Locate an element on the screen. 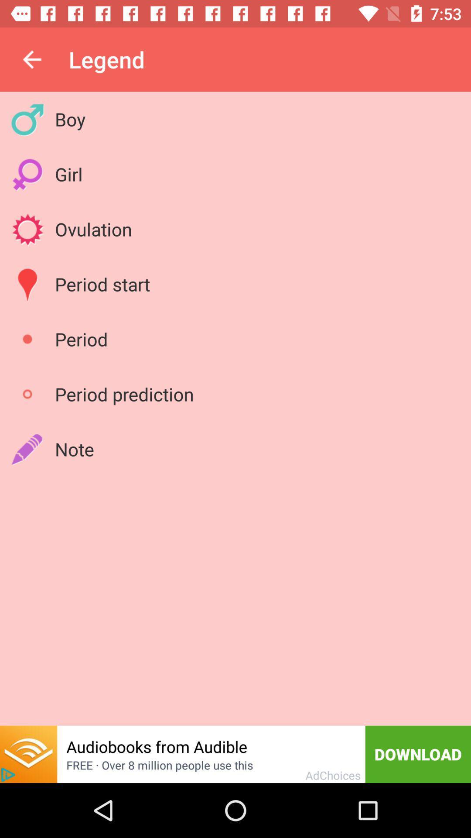  advertisement is located at coordinates (8, 775).